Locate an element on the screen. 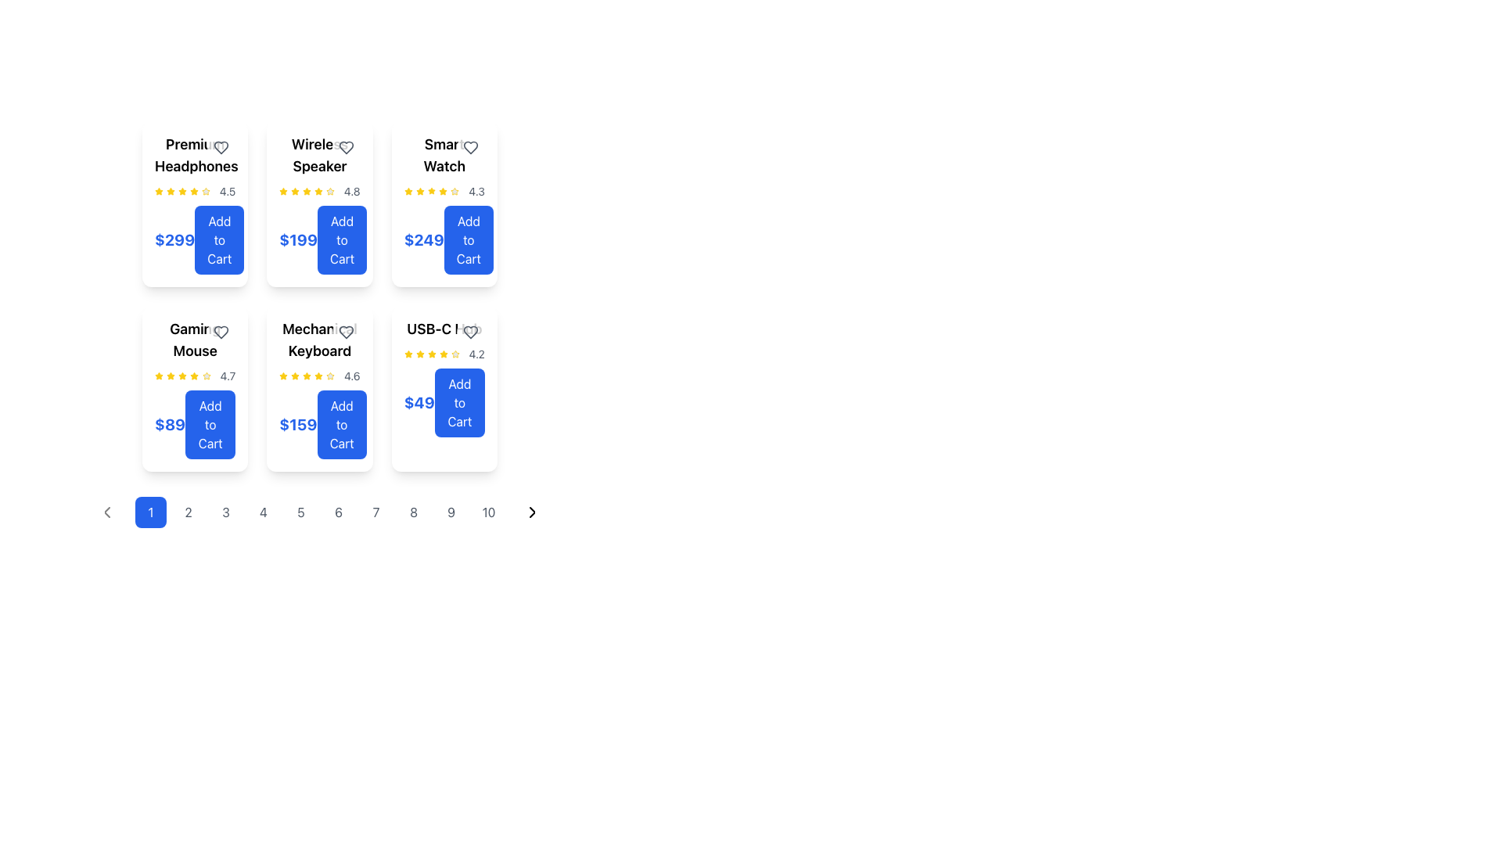 This screenshot has height=845, width=1502. the second star icon is located at coordinates (159, 190).